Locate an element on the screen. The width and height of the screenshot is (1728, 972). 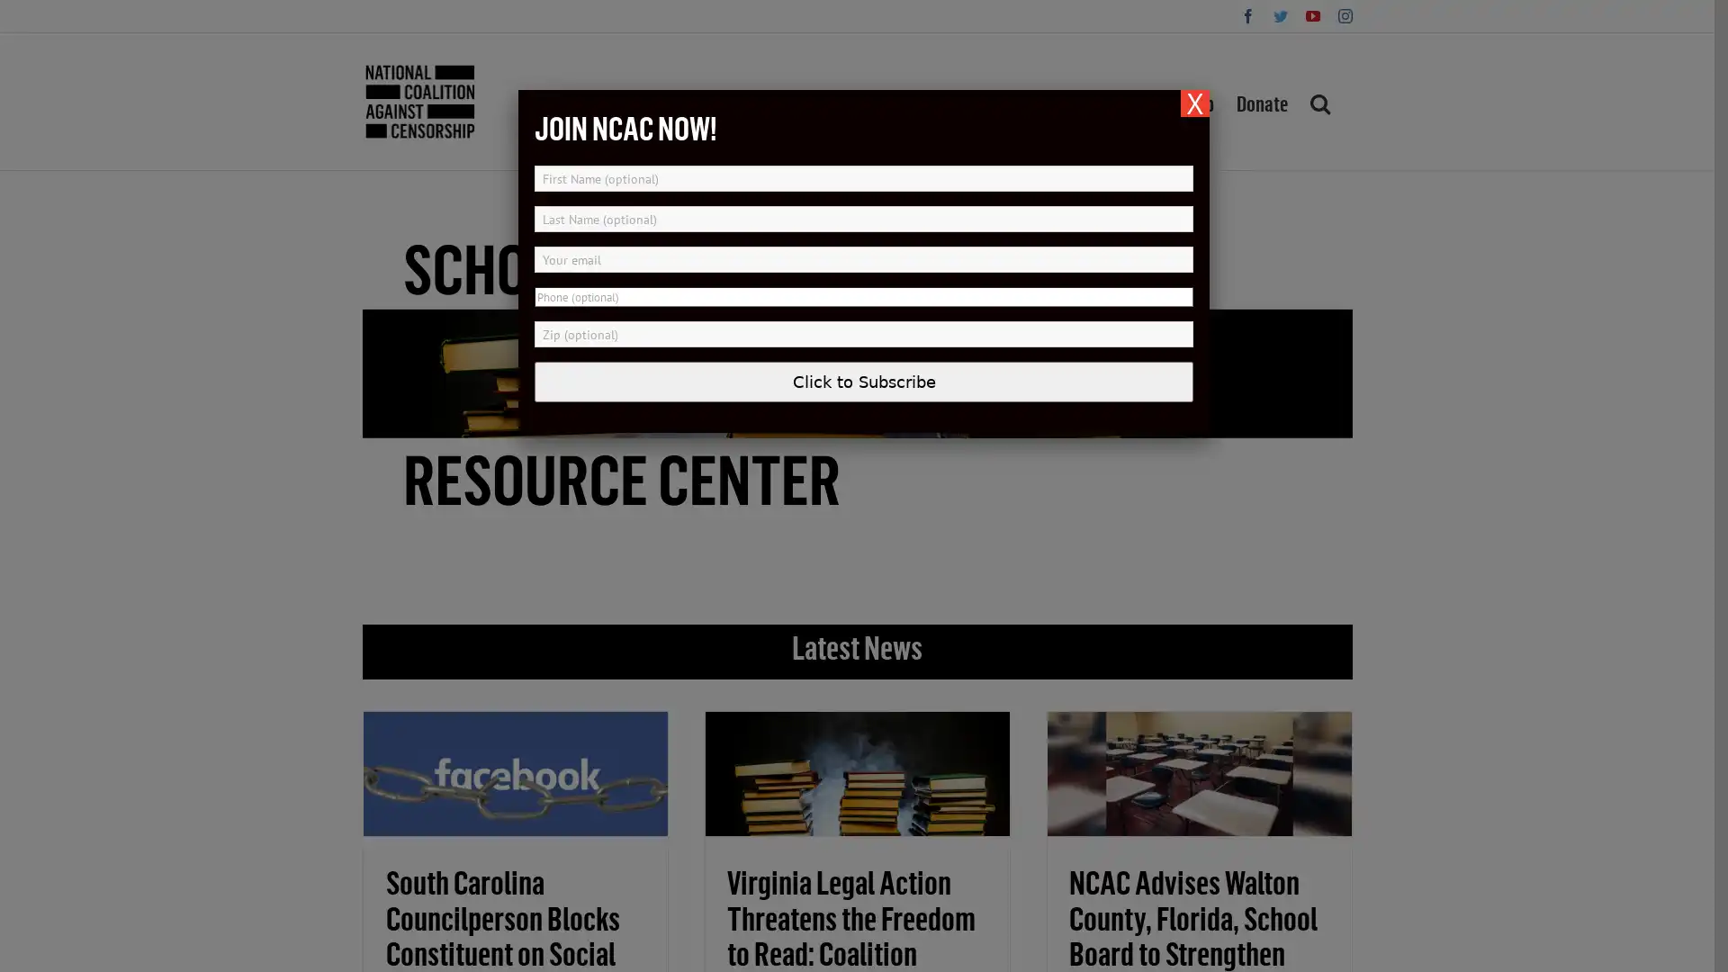
Search is located at coordinates (1318, 101).